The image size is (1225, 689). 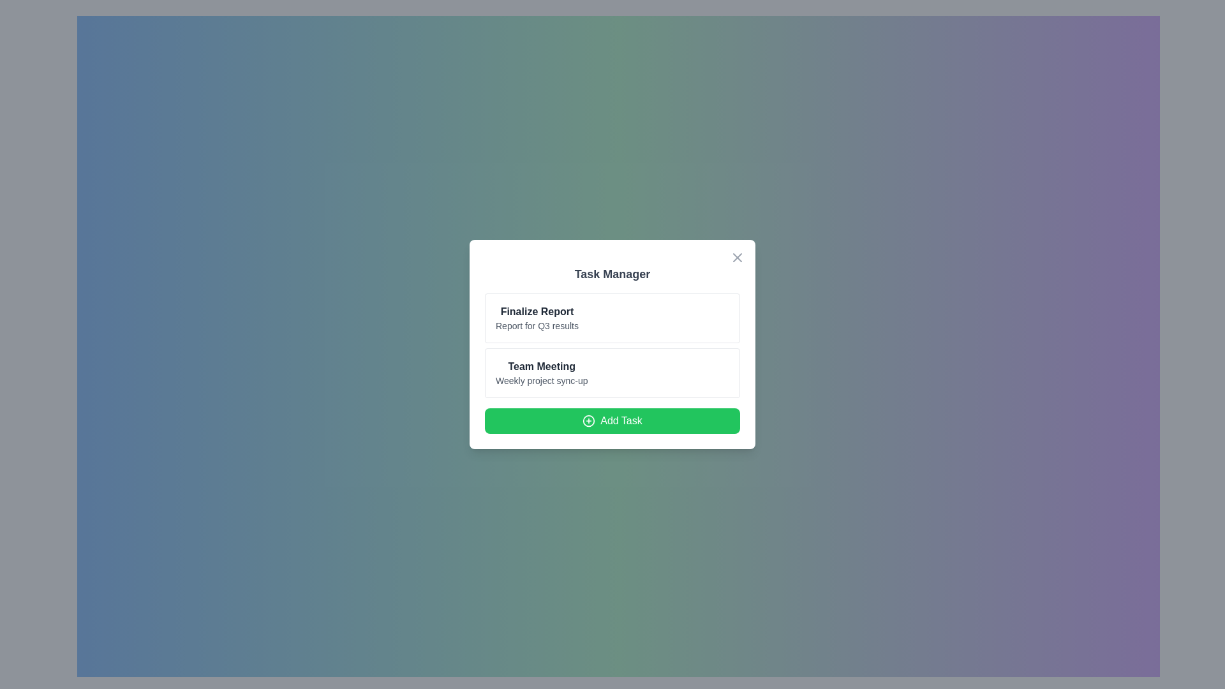 I want to click on the static text label that represents the title of a task entry in the 'Task Manager' modal, positioned centrally above the subtitle 'Weekly project sync-up', so click(x=542, y=366).